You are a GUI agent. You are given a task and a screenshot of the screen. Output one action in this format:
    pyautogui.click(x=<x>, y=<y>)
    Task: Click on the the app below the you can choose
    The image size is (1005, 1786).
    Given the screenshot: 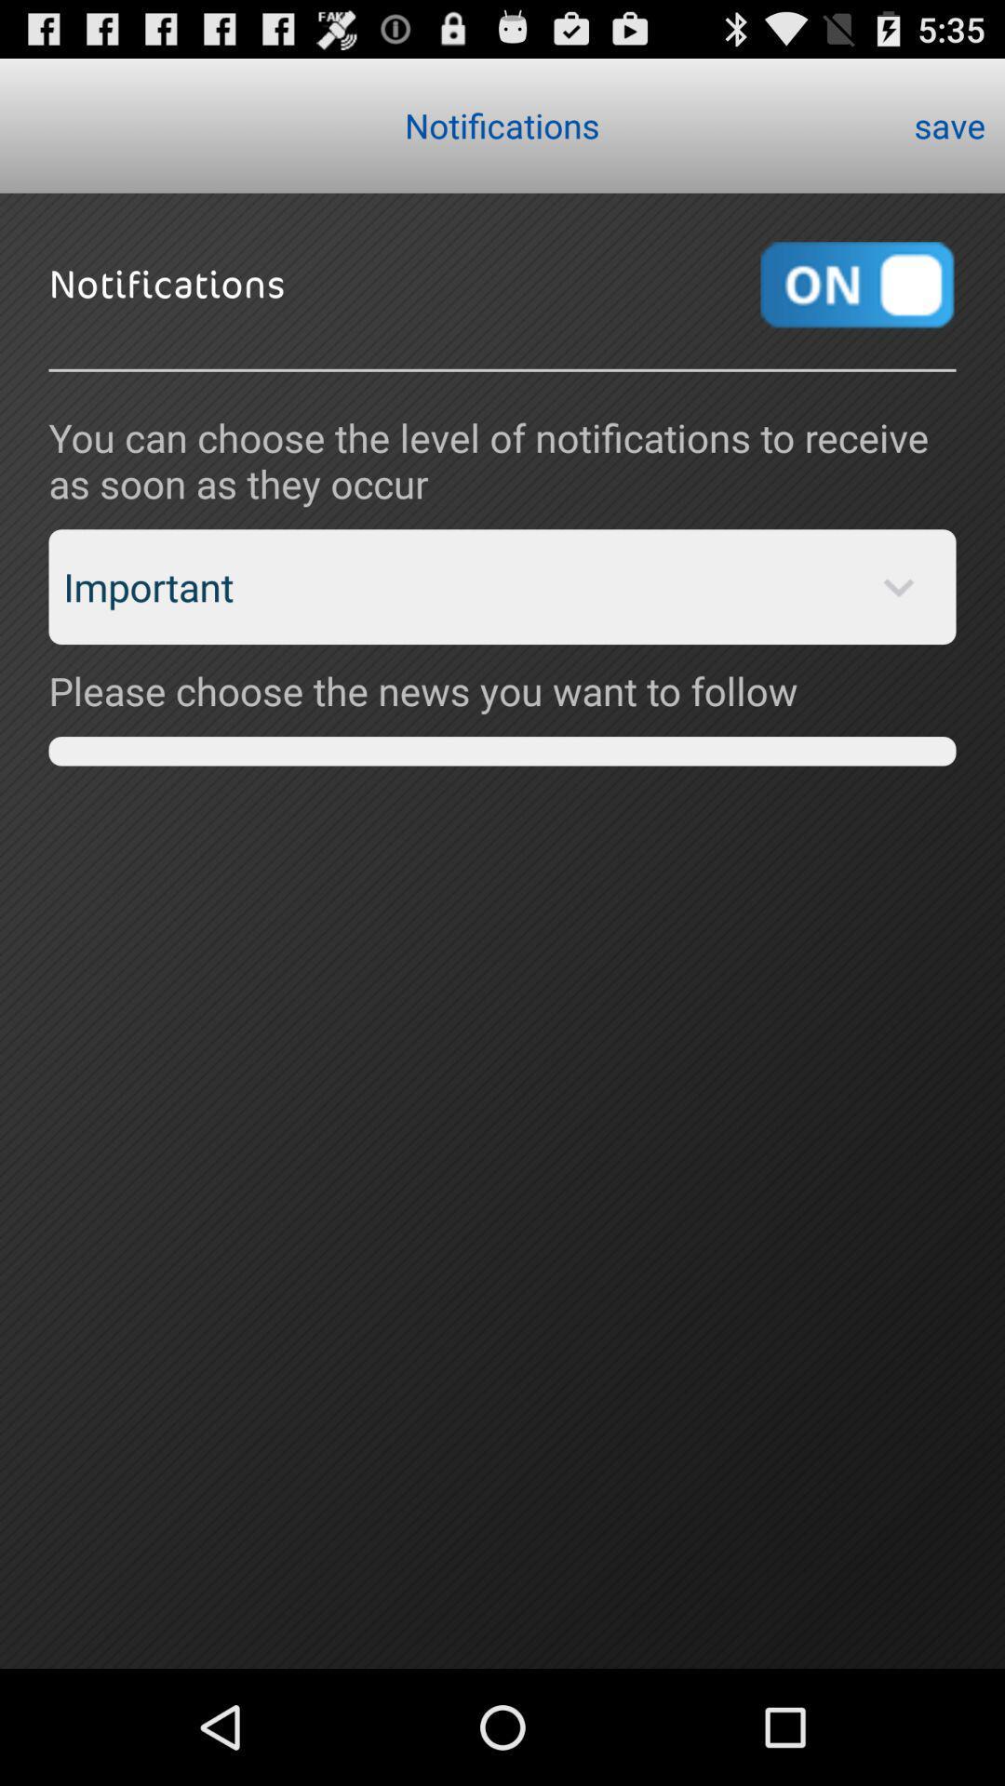 What is the action you would take?
    pyautogui.click(x=502, y=586)
    